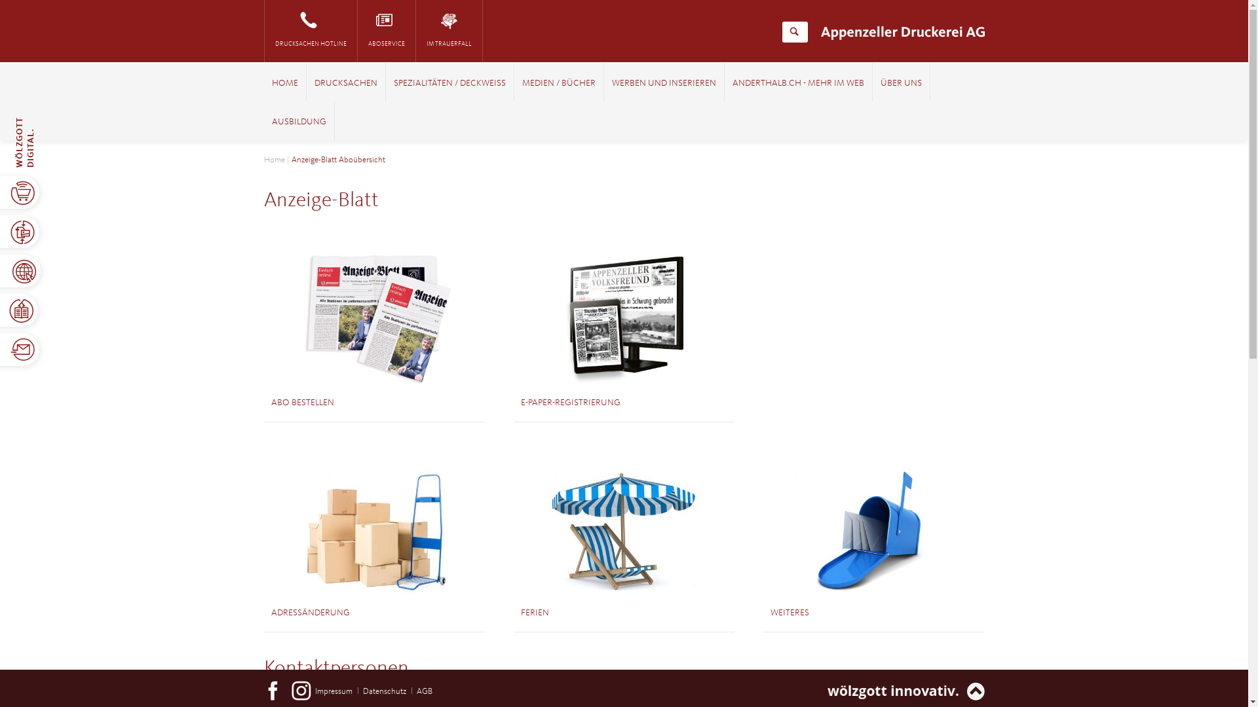  Describe the element at coordinates (793, 31) in the screenshot. I see `'Suchen'` at that location.